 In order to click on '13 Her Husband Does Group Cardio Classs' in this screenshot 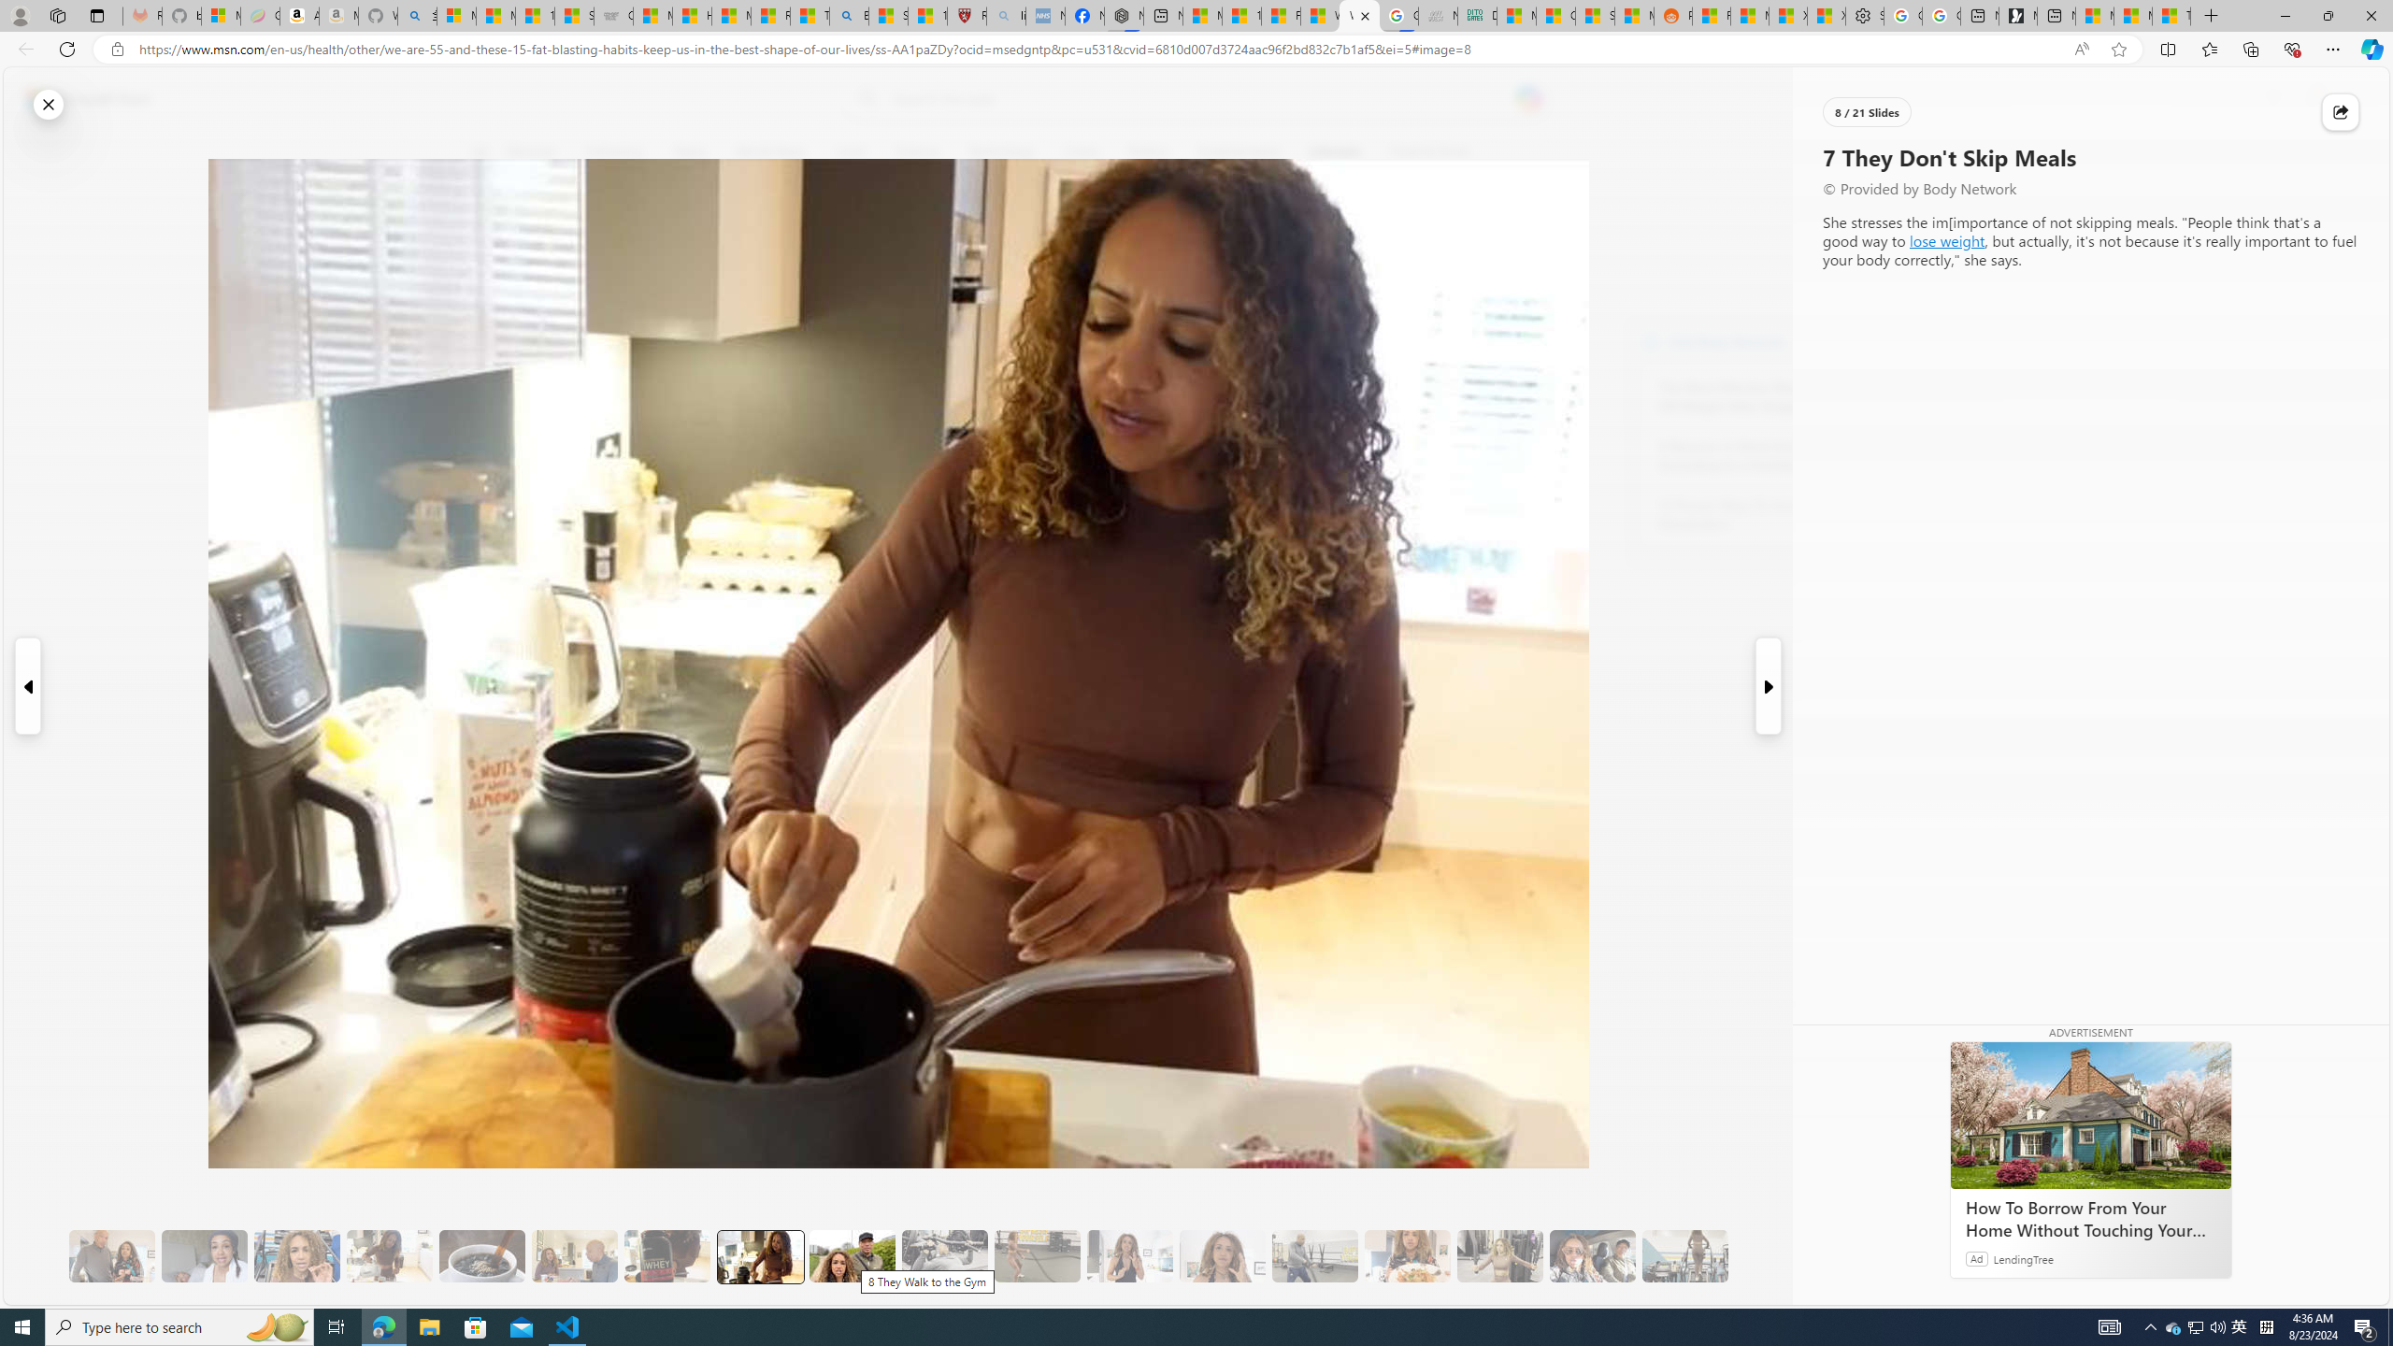, I will do `click(1314, 1256)`.